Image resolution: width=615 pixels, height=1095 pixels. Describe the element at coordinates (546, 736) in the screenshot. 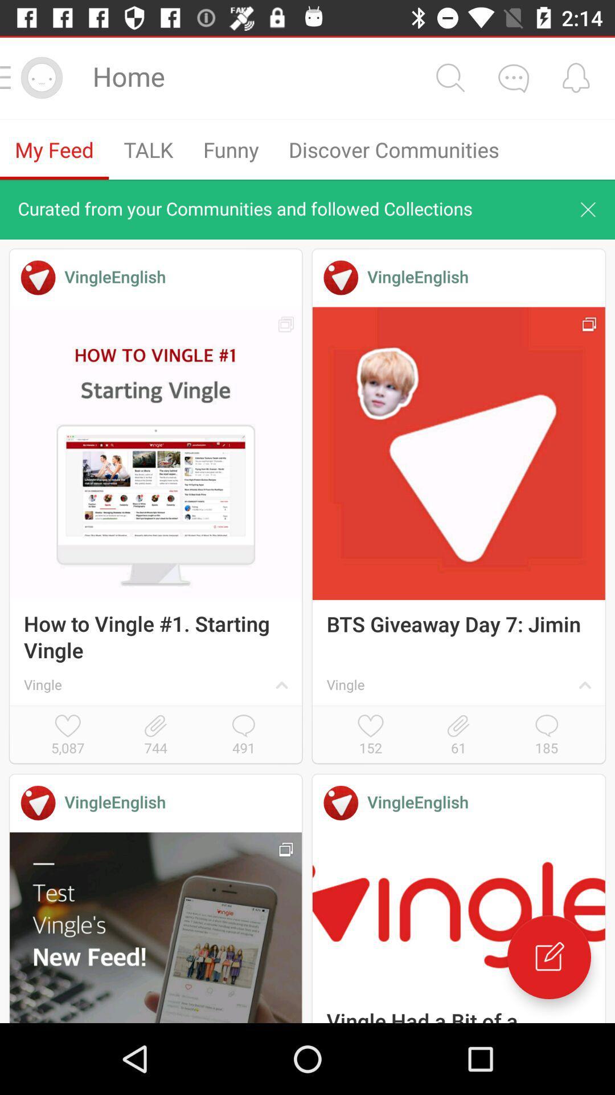

I see `item to the right of the 61` at that location.